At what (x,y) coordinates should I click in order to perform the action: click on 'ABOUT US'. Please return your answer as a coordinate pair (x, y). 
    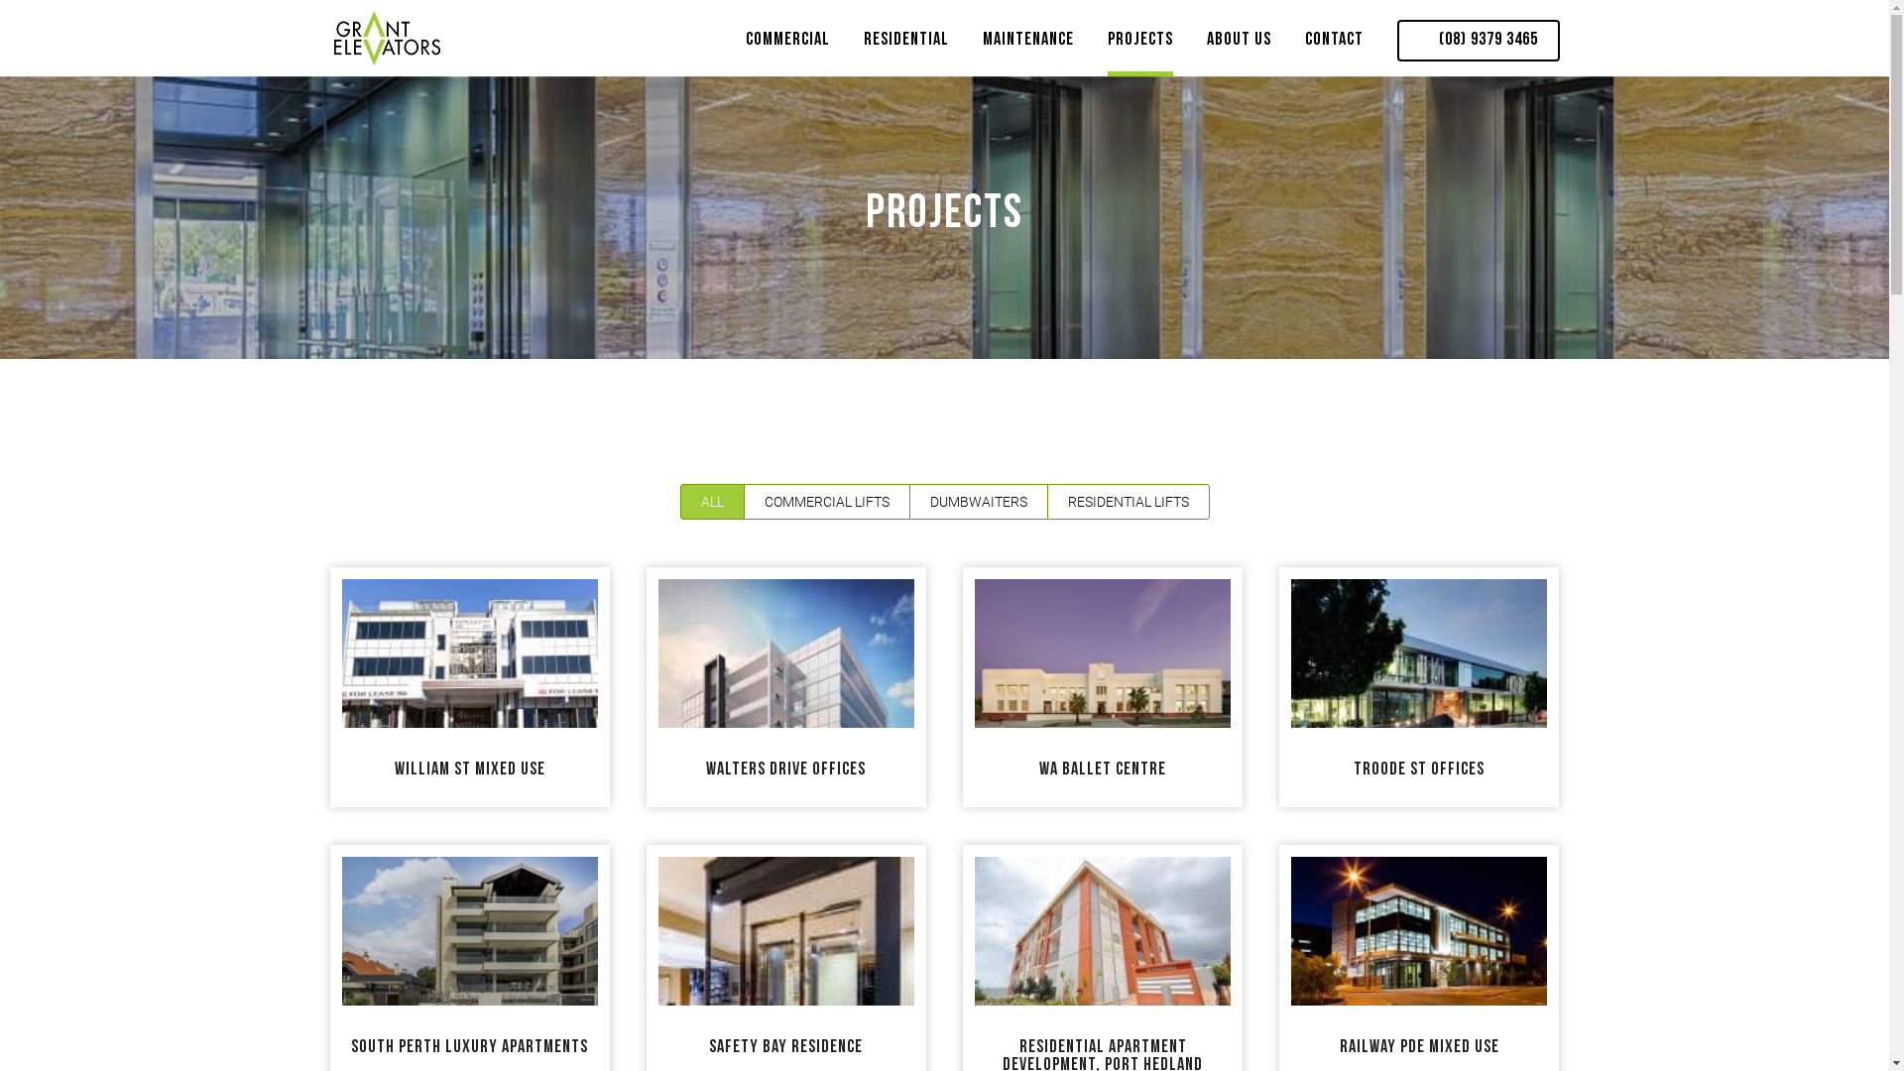
    Looking at the image, I should click on (1237, 45).